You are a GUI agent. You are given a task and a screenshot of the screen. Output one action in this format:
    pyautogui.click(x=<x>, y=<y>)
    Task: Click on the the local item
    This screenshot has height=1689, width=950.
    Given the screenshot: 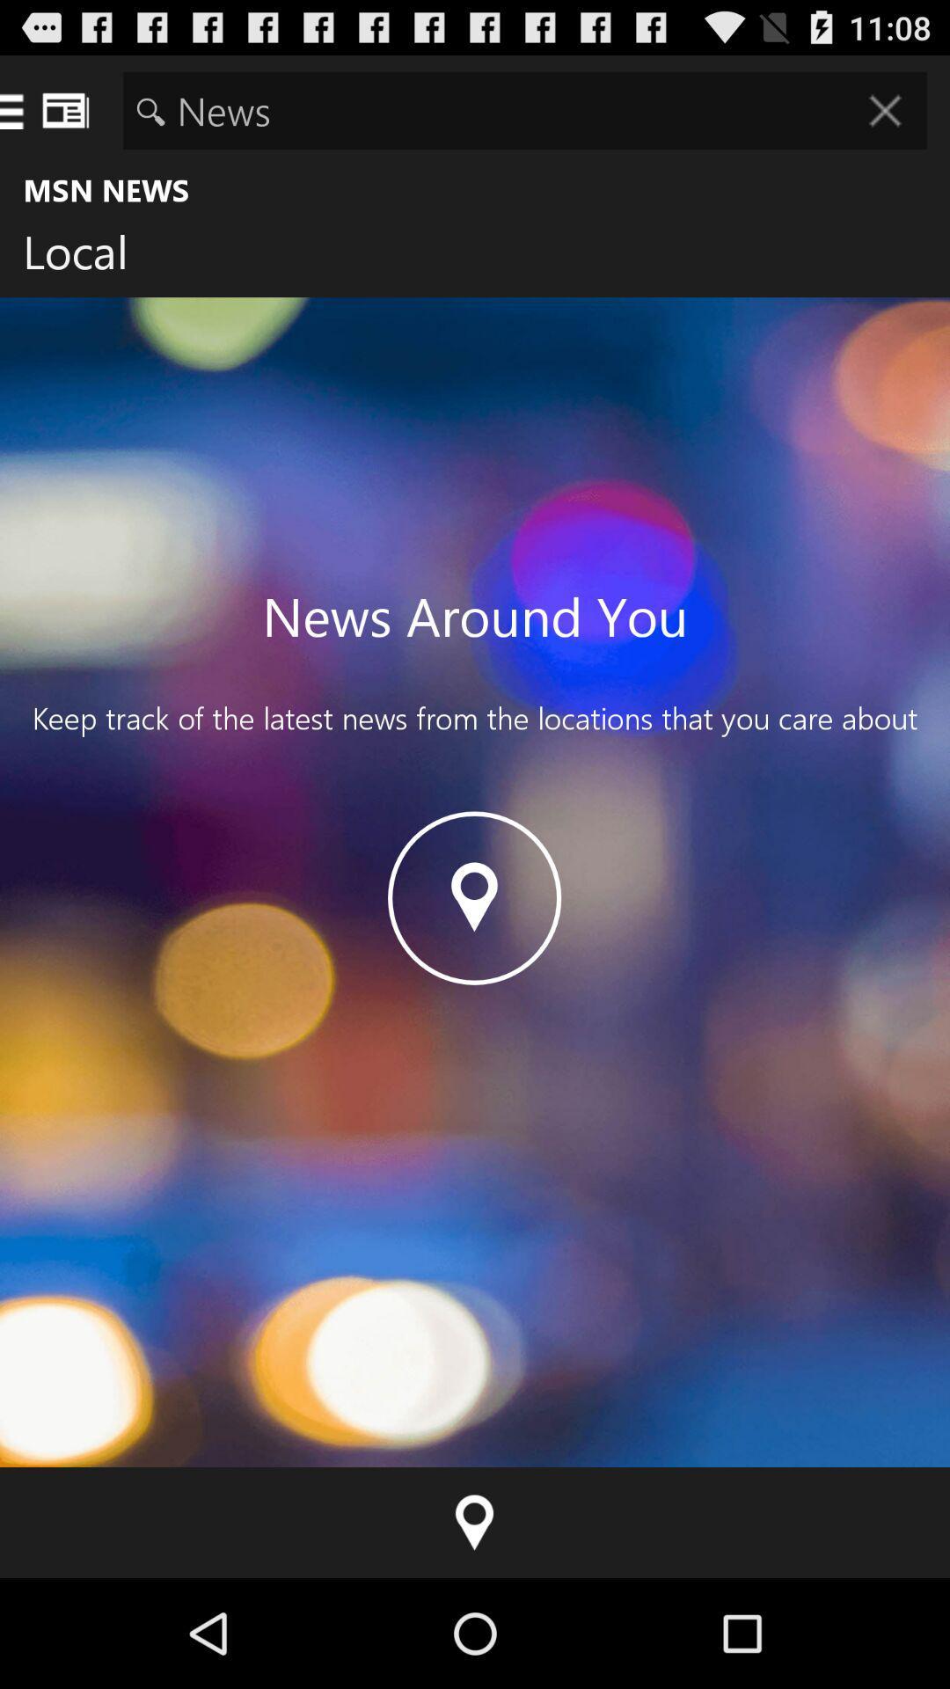 What is the action you would take?
    pyautogui.click(x=89, y=255)
    